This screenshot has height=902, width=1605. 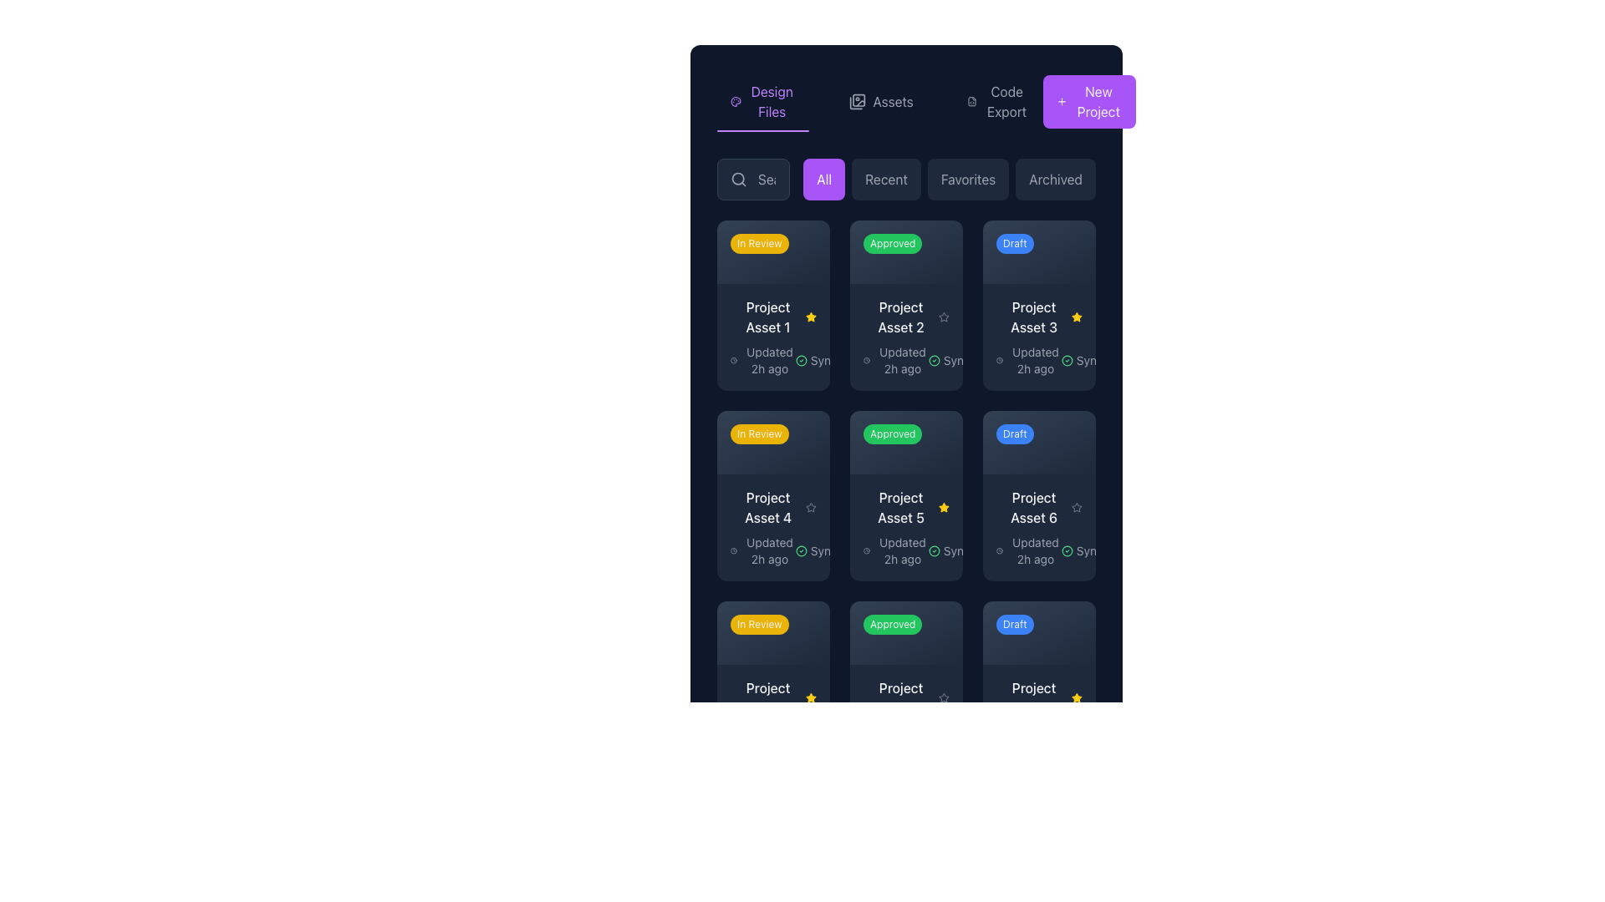 I want to click on the text label and icon representing 'Project Asset 3' in the grid, so click(x=1038, y=317).